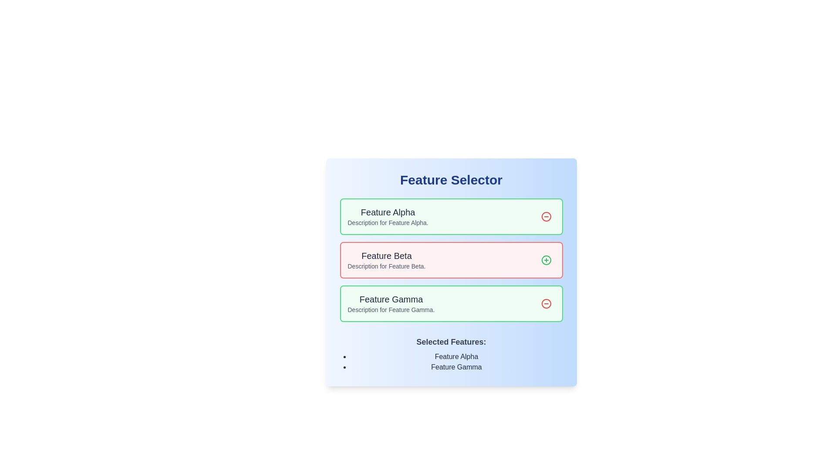 The height and width of the screenshot is (470, 836). I want to click on the second feature card in the 'Feature Selector' section, so click(451, 259).